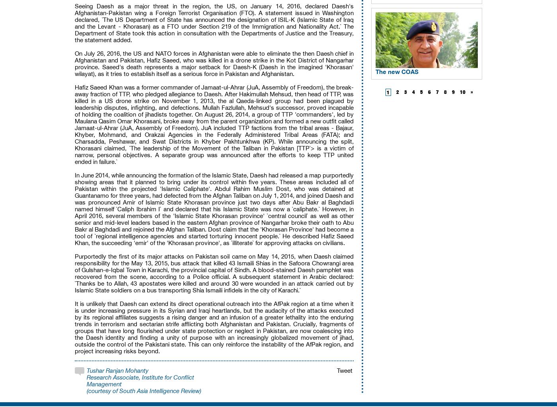 This screenshot has width=557, height=407. What do you see at coordinates (214, 327) in the screenshot?
I see `'It is unlikely that Daesh can extend its direct operational outreach into the AfPak region at a time when it is under increasing pressure in its Syrian and Iraqi heartlands, but the audacity of the attacks executed by its regional affiliates suggests a rising danger and an infusion of a greater lethality into the enduring trends in terrorism and sectarian strife afflicting both Afghanistan and Pakistan. Crucially, fragments of groups that have long flourished under state protection or neglect in Pakistan, are now coalescing into the Daesh identity and finding a unity of purpose with an increasingly globalized movement of jihad, outside the control of the Pakistani state. This can only reinforce the instability of the AfPak region, and project increasing risks beyond.'` at bounding box center [214, 327].